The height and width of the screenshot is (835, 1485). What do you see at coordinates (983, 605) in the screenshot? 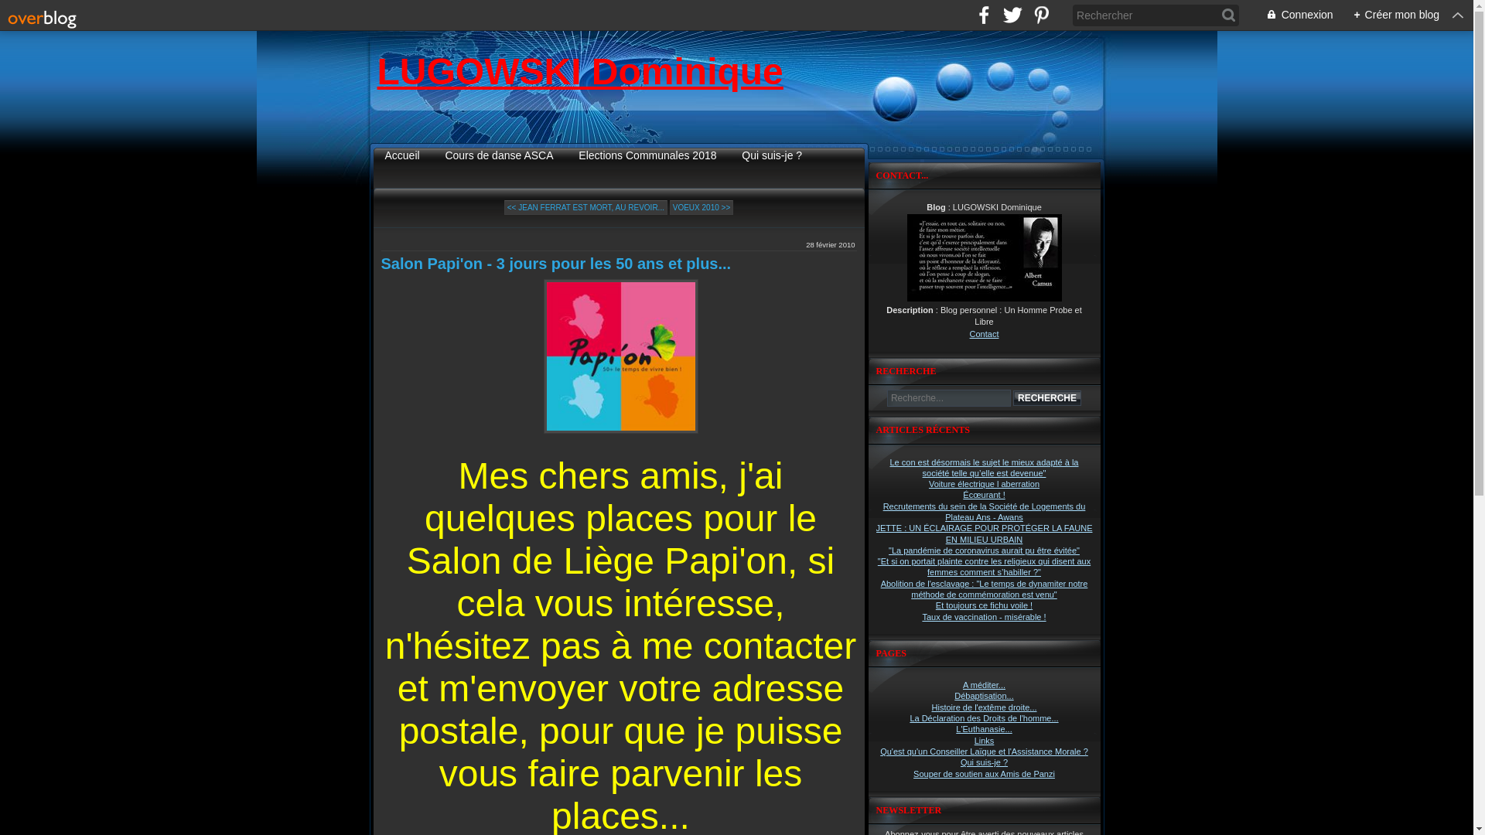
I see `'Et toujours ce fichu voile !'` at bounding box center [983, 605].